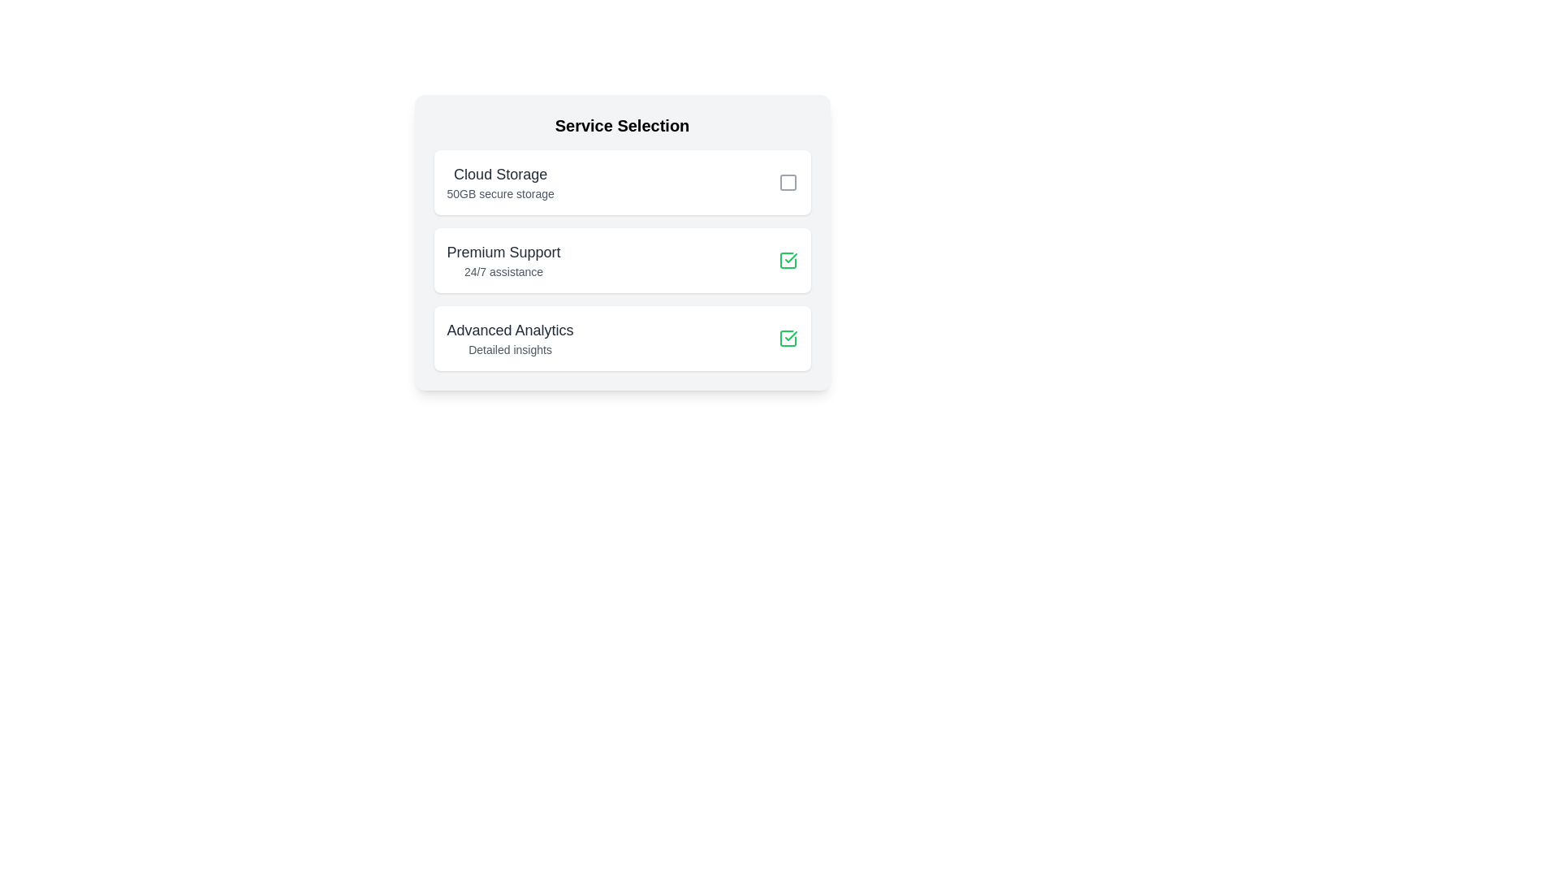 The height and width of the screenshot is (877, 1559). I want to click on the 'Cloud Storage' label, which serves as the title for the associated service option, indicating the service being referred to, so click(499, 175).